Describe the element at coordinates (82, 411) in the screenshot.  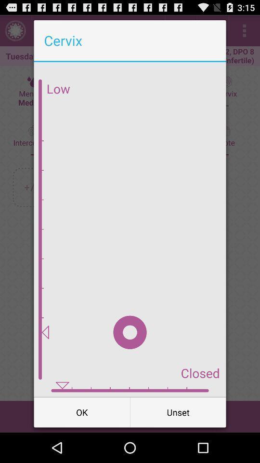
I see `the ok icon` at that location.